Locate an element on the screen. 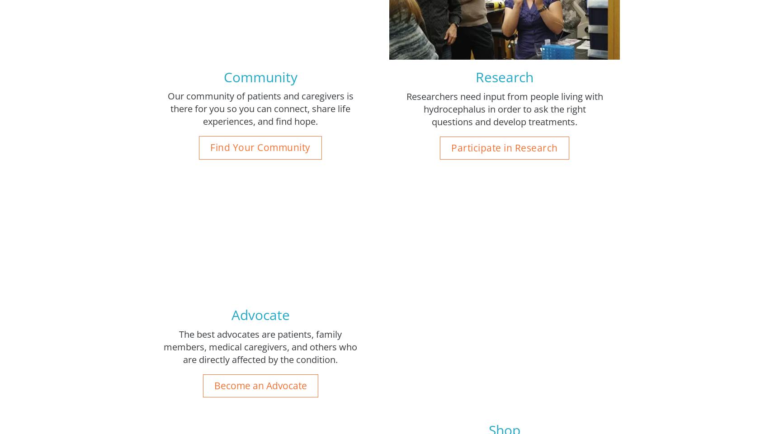 The height and width of the screenshot is (434, 765). 'The best advocates are patients, family members, medical caregivers, and others who are directly affected by the condition.' is located at coordinates (260, 346).